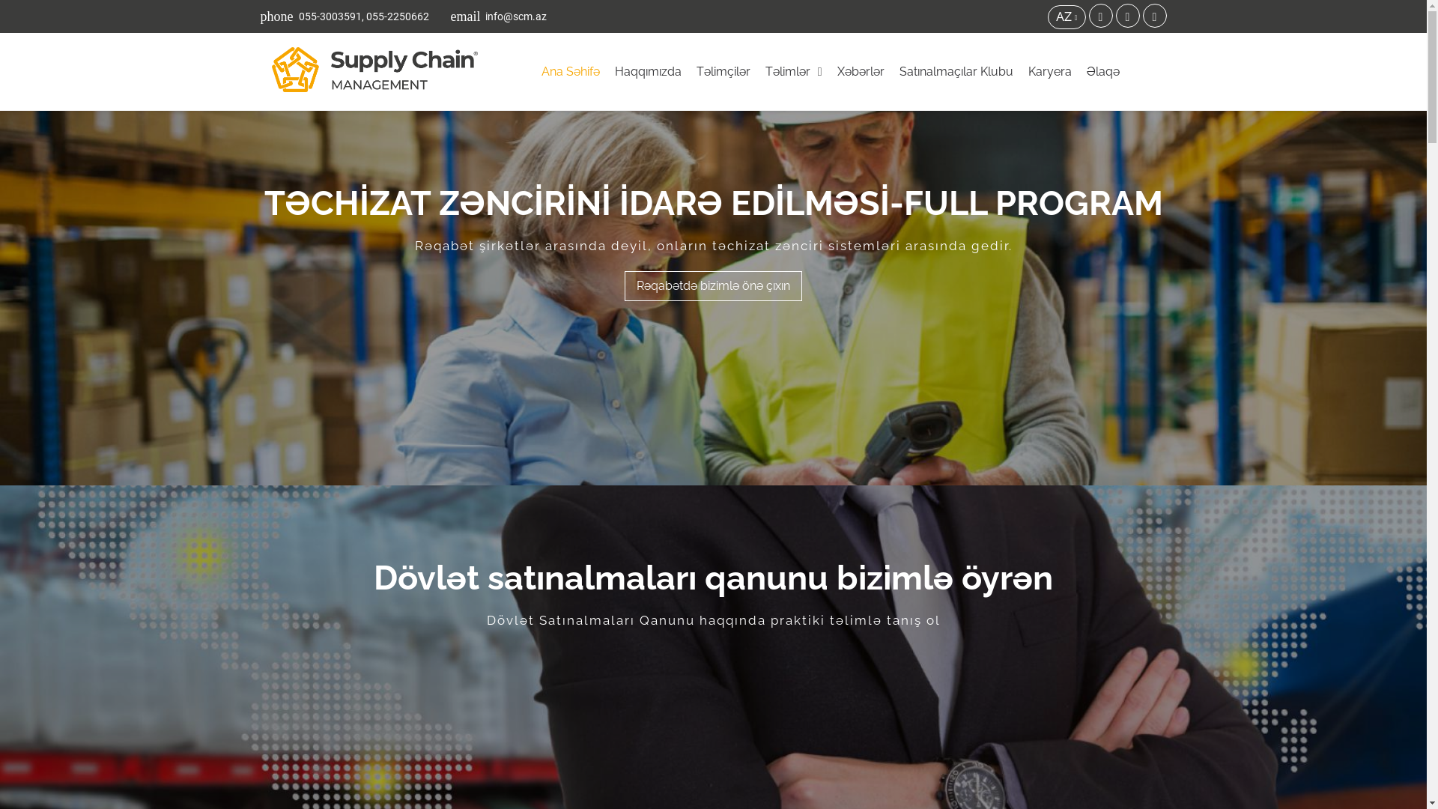 This screenshot has width=1438, height=809. Describe the element at coordinates (1128, 15) in the screenshot. I see `'Linked'` at that location.